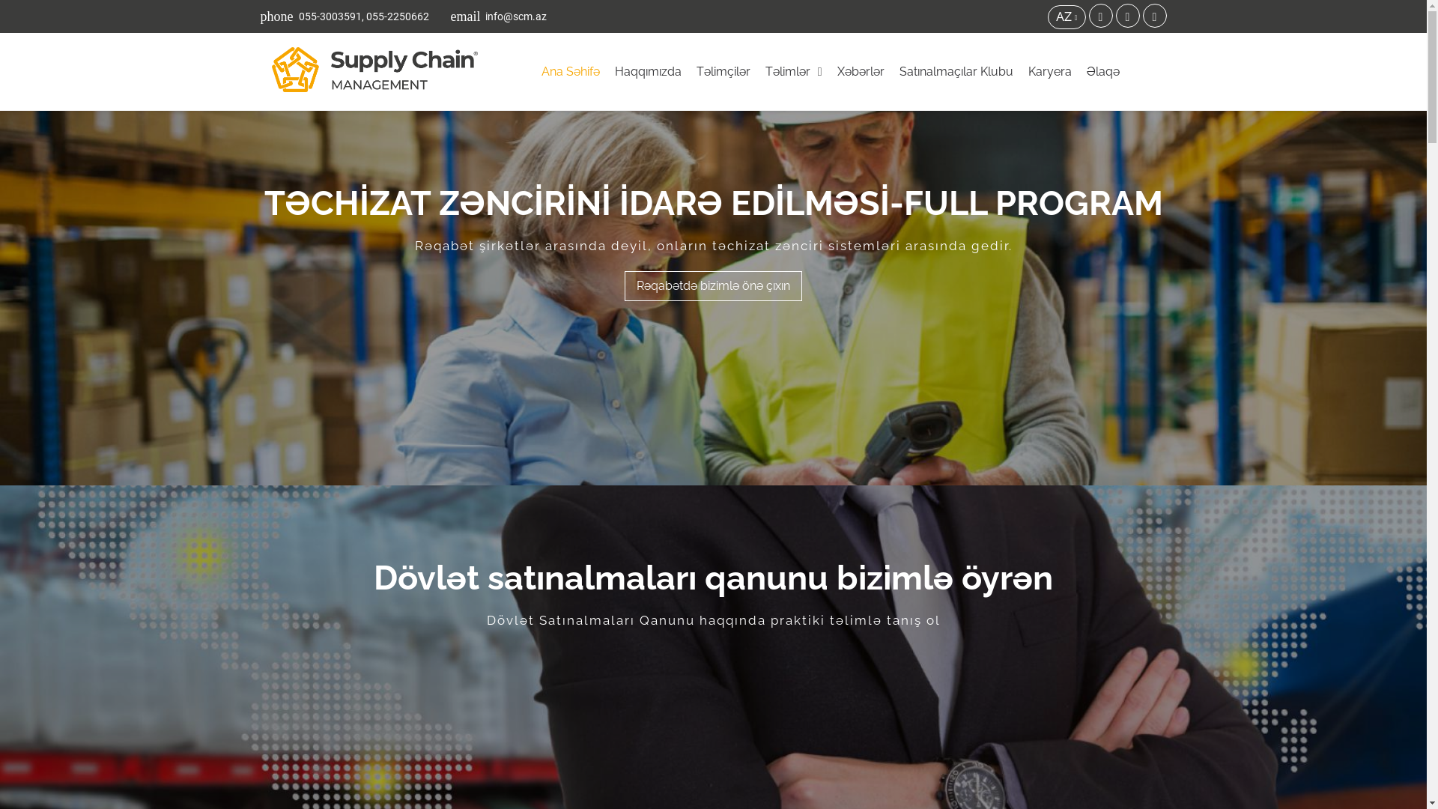 This screenshot has width=1438, height=809. Describe the element at coordinates (1128, 15) in the screenshot. I see `'Linked'` at that location.